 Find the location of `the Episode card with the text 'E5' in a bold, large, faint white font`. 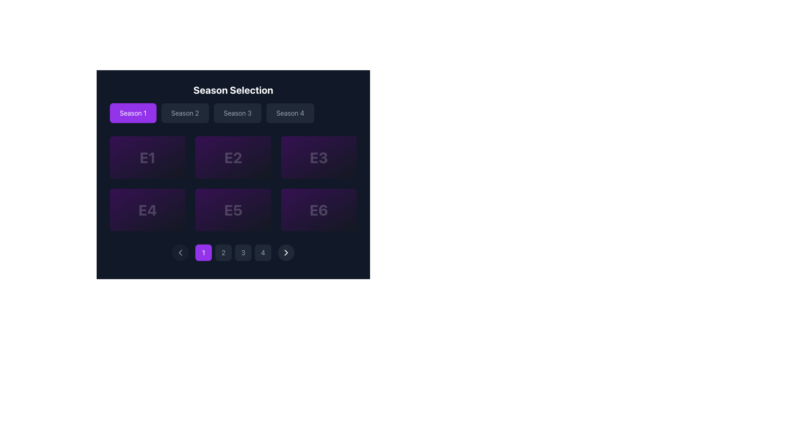

the Episode card with the text 'E5' in a bold, large, faint white font is located at coordinates (233, 209).